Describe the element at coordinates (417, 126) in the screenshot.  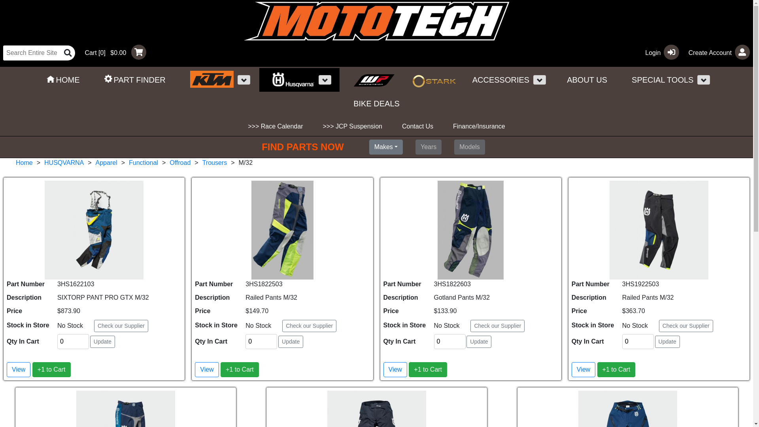
I see `'Contact Us'` at that location.